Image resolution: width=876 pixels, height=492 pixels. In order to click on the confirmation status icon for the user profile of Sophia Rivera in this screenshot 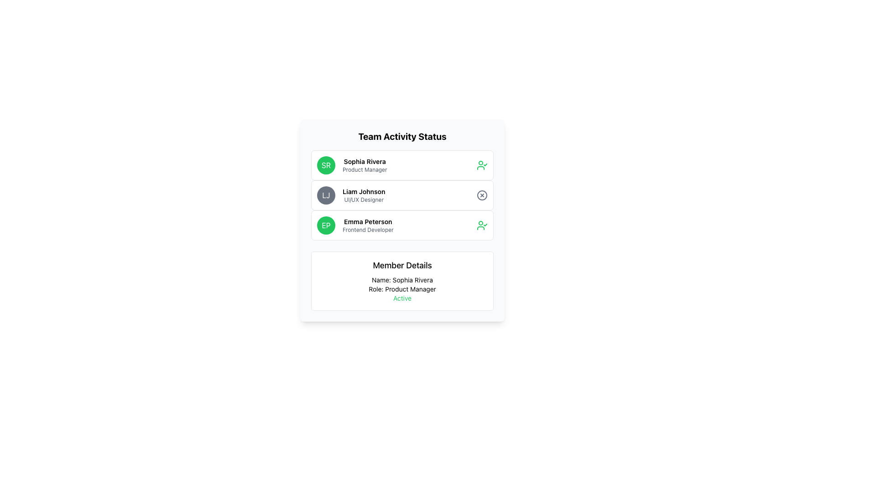, I will do `click(481, 165)`.